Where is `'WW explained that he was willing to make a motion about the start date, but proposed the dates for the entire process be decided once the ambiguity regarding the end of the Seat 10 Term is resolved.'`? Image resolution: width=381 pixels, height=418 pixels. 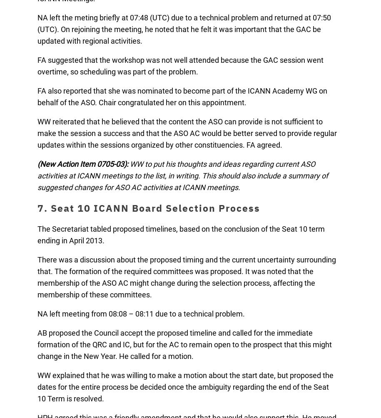
'WW explained that he was willing to make a motion about the start date, but proposed the dates for the entire process be decided once the ambiguity regarding the end of the Seat 10 Term is resolved.' is located at coordinates (185, 386).